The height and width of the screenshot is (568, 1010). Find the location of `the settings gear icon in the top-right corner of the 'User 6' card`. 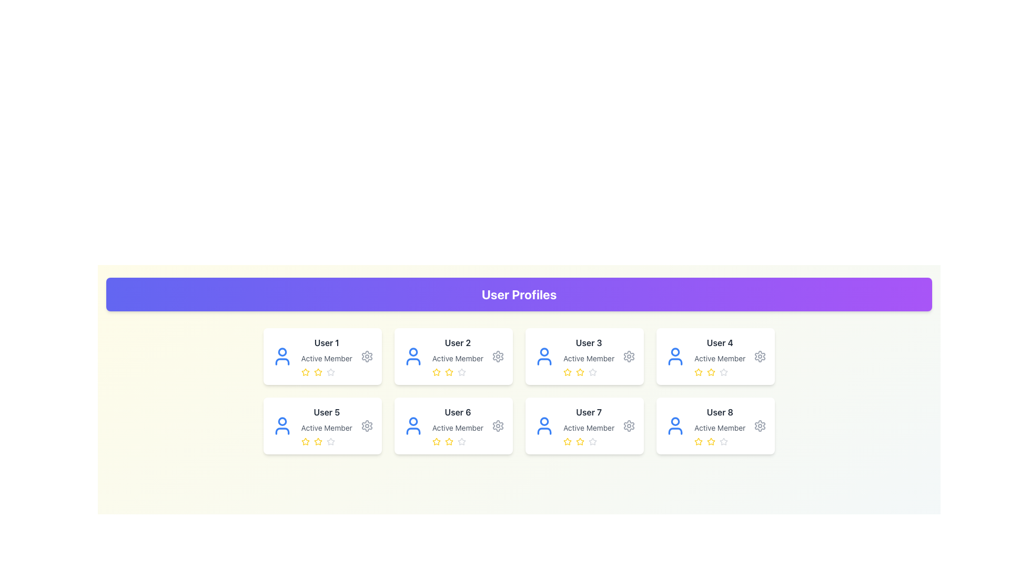

the settings gear icon in the top-right corner of the 'User 6' card is located at coordinates (497, 426).